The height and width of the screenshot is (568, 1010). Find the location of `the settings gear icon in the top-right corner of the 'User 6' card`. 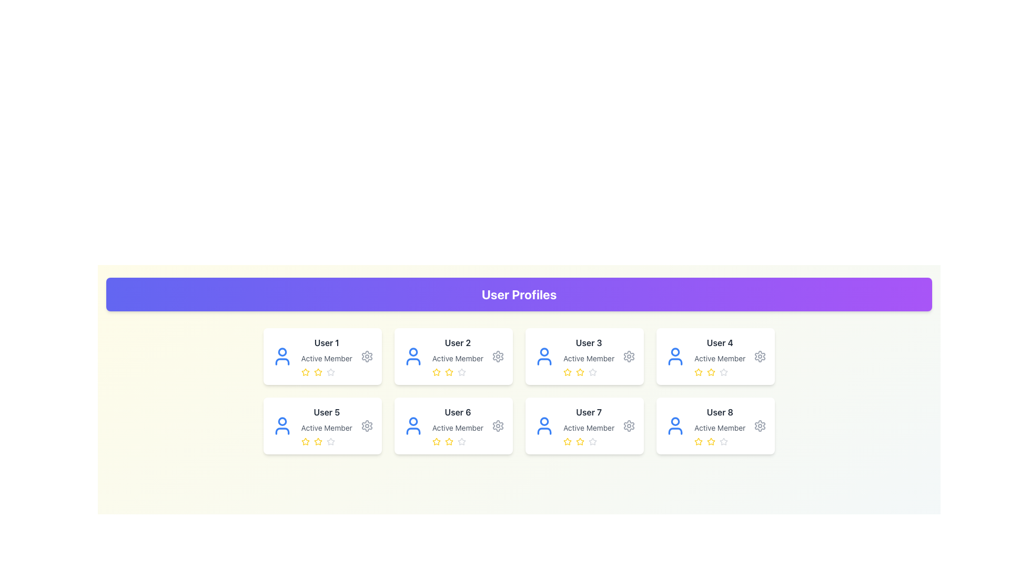

the settings gear icon in the top-right corner of the 'User 6' card is located at coordinates (497, 426).